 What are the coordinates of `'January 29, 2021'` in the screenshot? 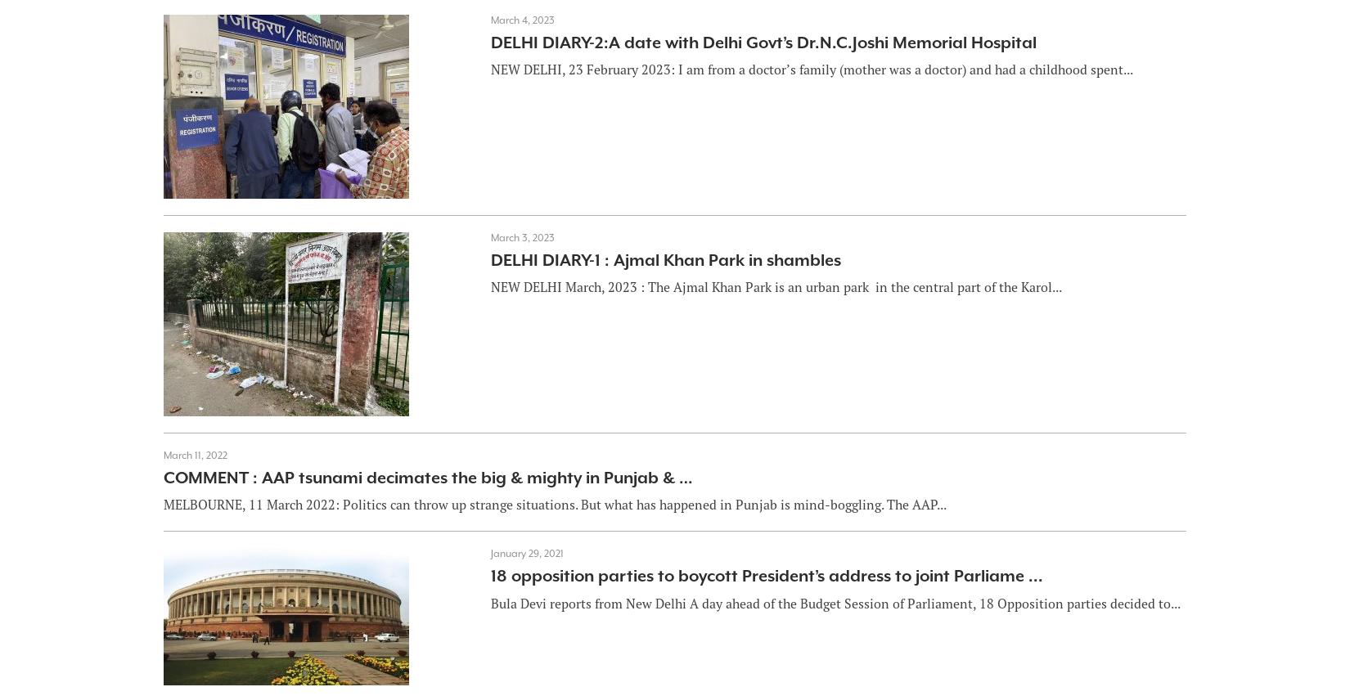 It's located at (488, 553).